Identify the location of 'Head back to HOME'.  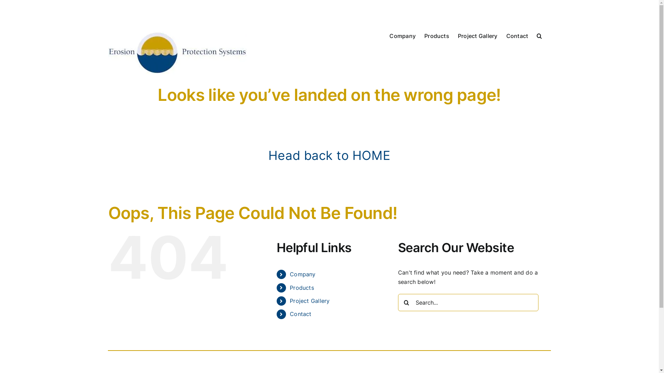
(329, 155).